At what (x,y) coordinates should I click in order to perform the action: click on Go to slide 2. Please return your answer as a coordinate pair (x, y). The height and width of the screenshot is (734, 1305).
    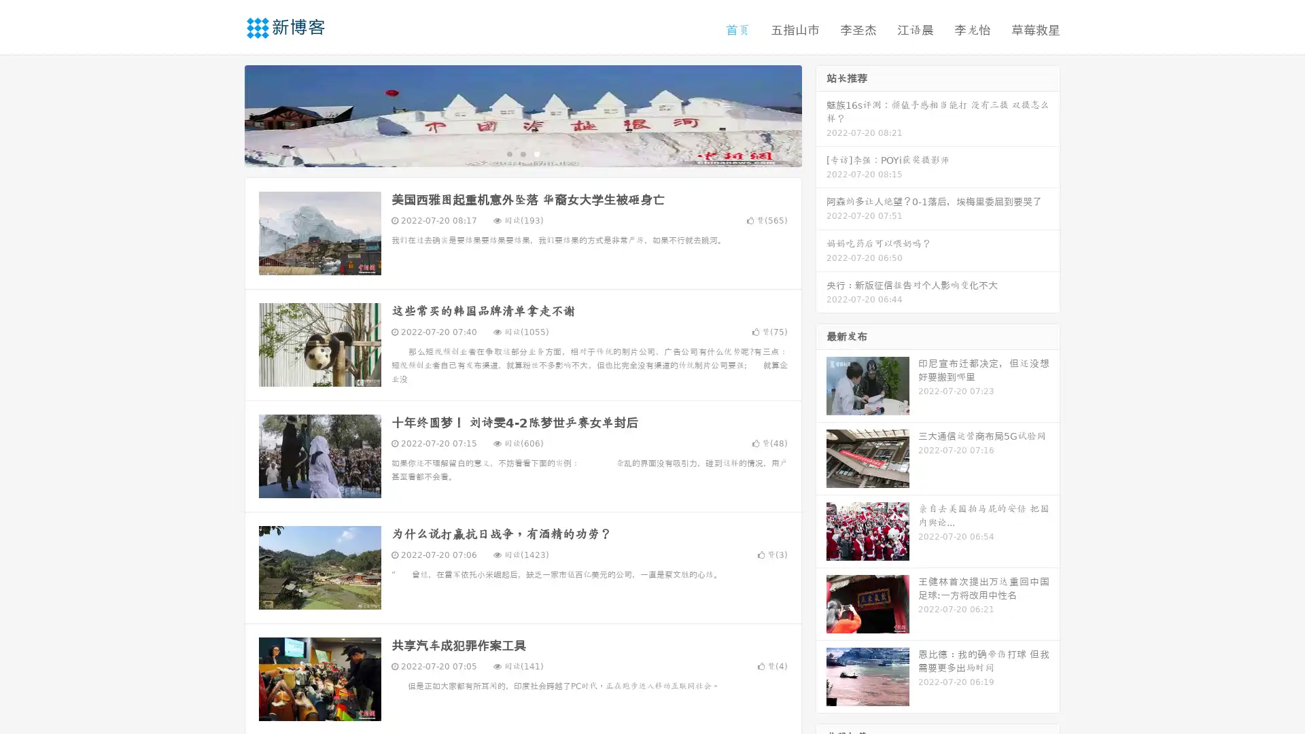
    Looking at the image, I should click on (522, 153).